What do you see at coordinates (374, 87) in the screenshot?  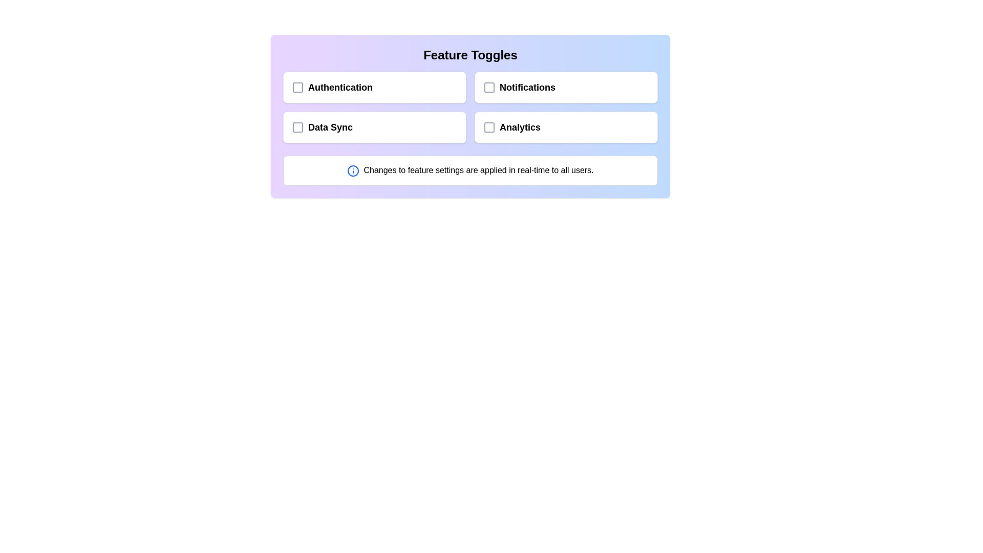 I see `the toggleable option labeled 'Authentication' which is the first element in the upper left corner of the grid layout containing feature toggles` at bounding box center [374, 87].